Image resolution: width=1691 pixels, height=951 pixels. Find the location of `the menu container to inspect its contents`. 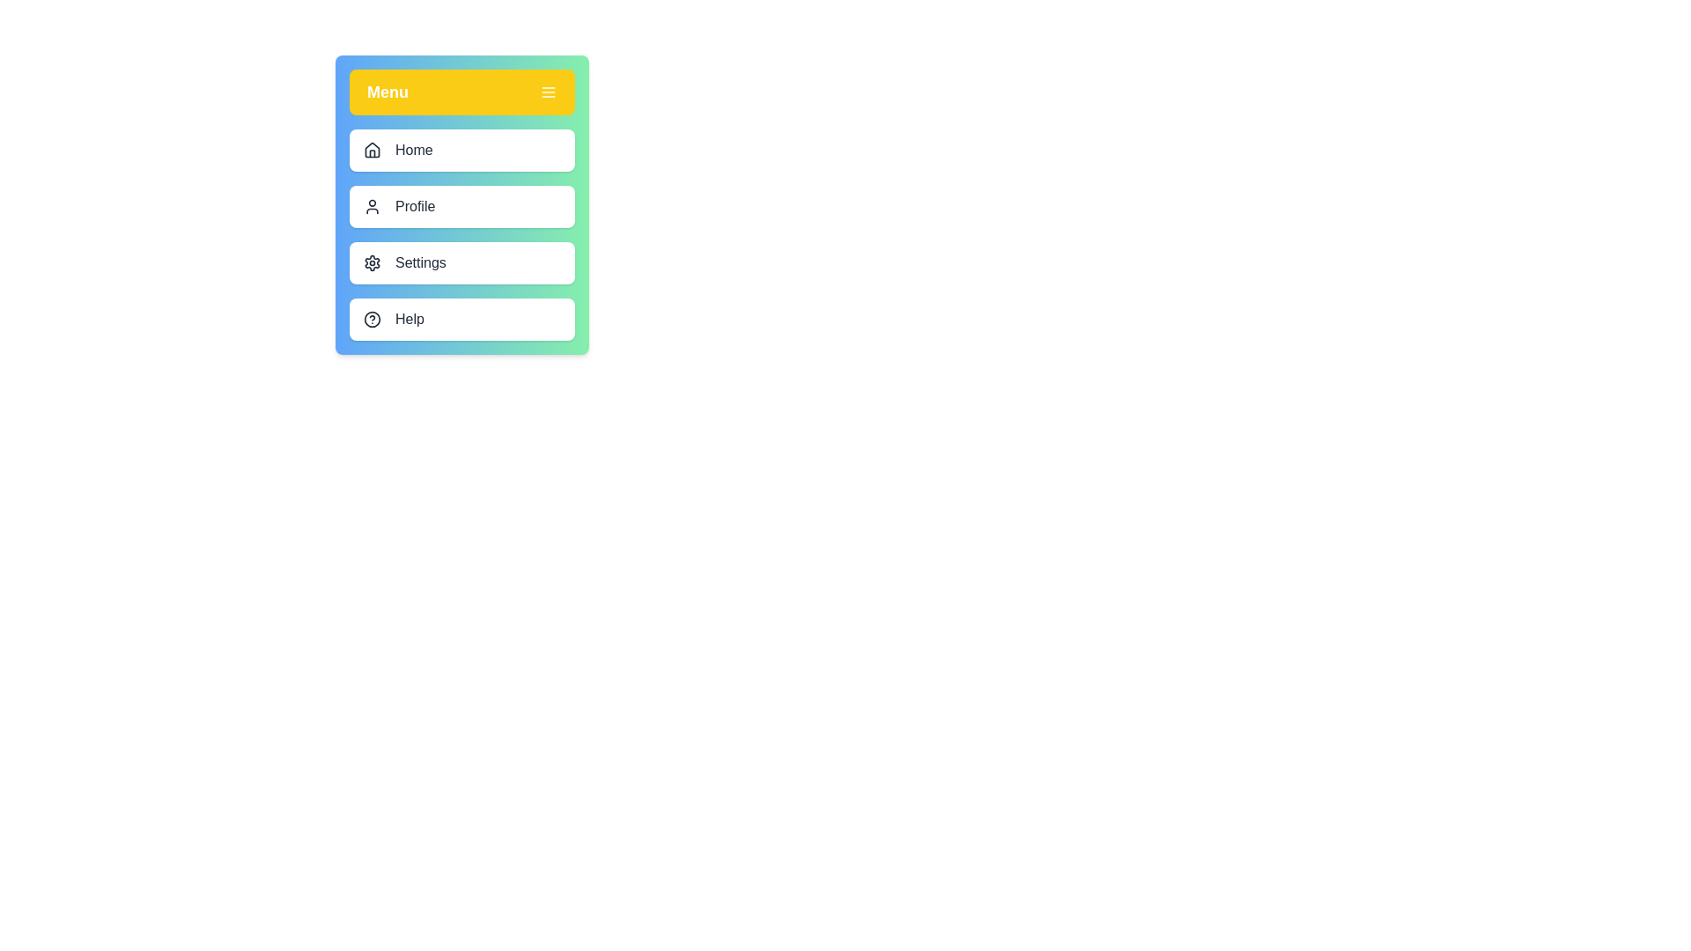

the menu container to inspect its contents is located at coordinates (462, 203).